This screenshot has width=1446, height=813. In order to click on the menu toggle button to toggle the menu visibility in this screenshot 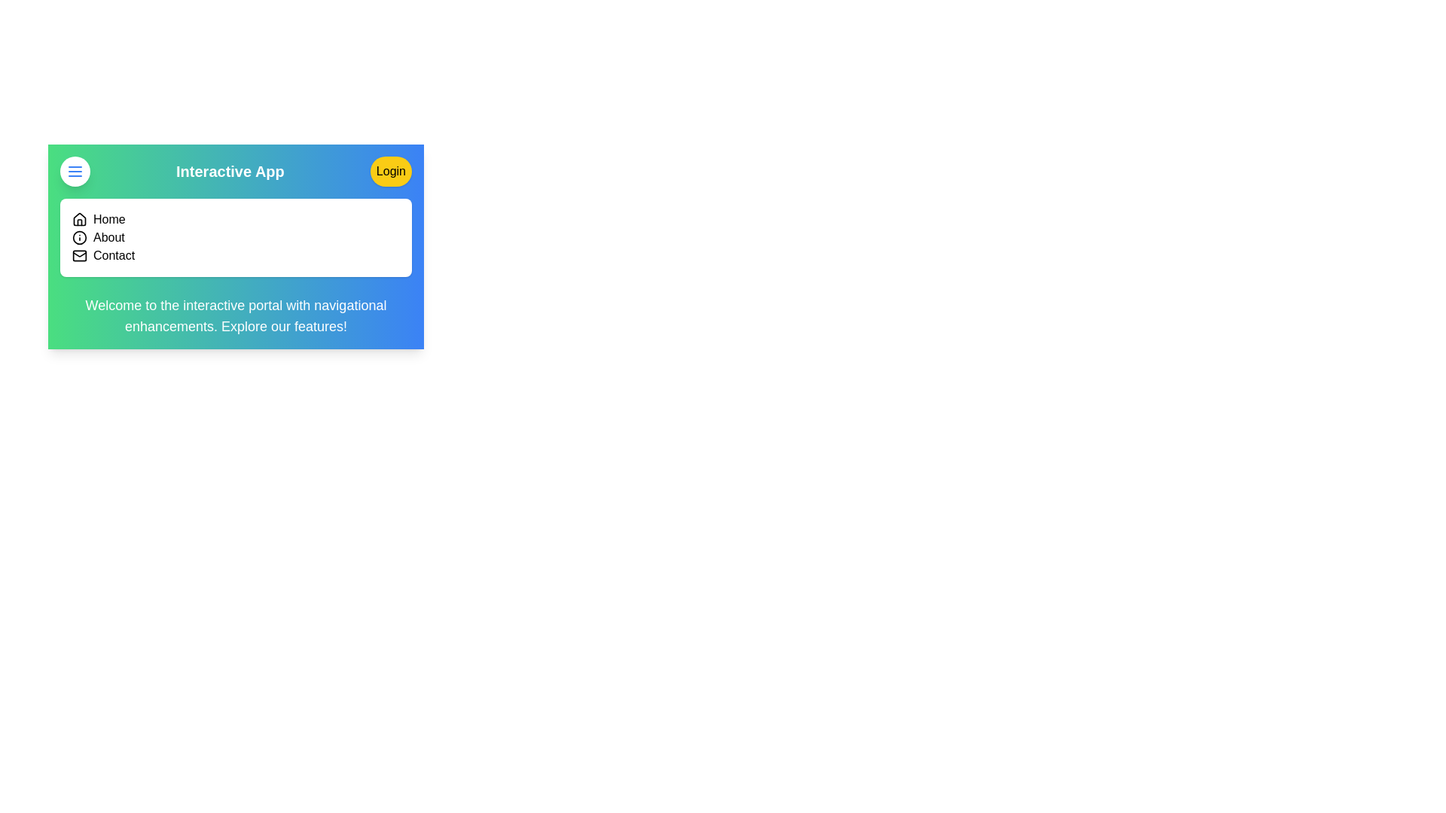, I will do `click(75, 170)`.